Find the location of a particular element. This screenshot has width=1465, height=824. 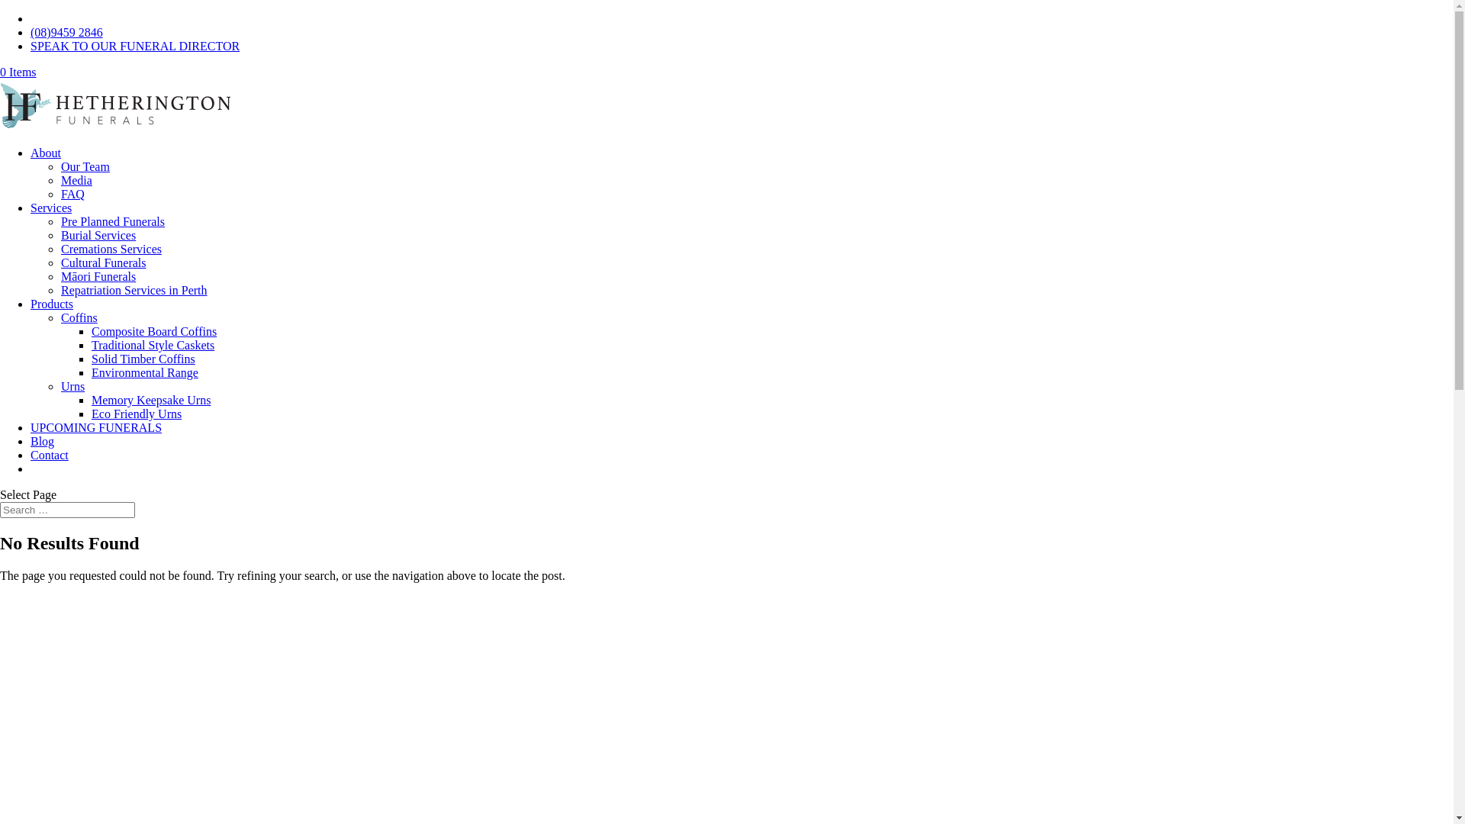

'Traditional Style Caskets' is located at coordinates (153, 345).